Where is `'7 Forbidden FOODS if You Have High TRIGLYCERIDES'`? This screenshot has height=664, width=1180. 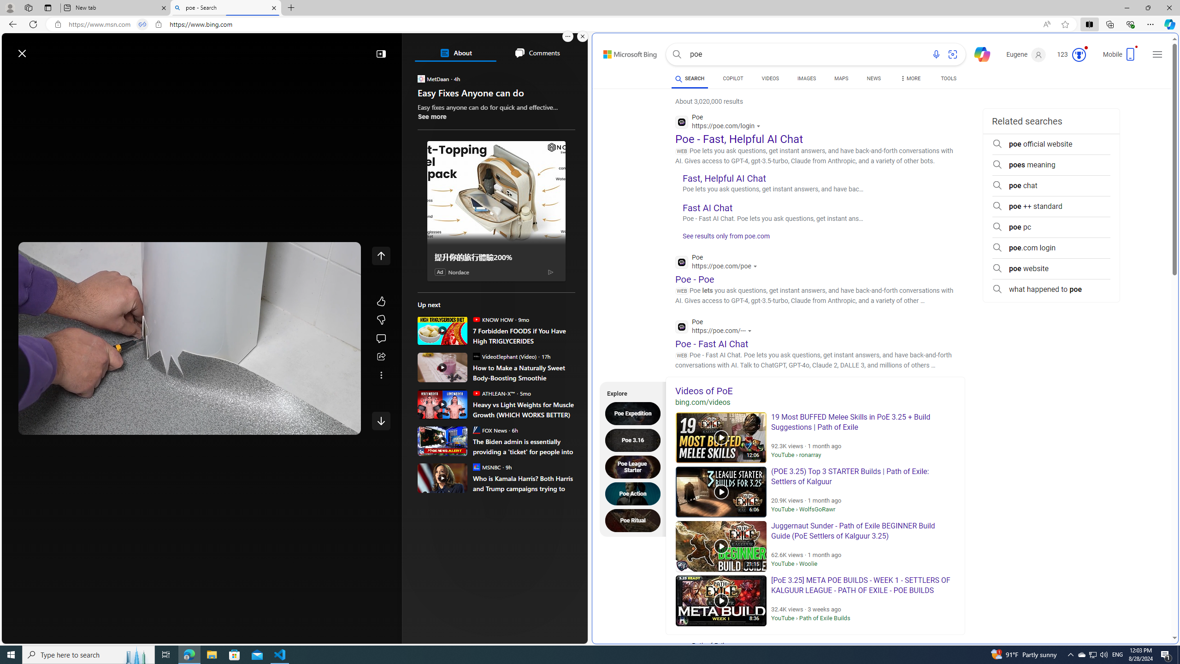 '7 Forbidden FOODS if You Have High TRIGLYCERIDES' is located at coordinates (524, 335).